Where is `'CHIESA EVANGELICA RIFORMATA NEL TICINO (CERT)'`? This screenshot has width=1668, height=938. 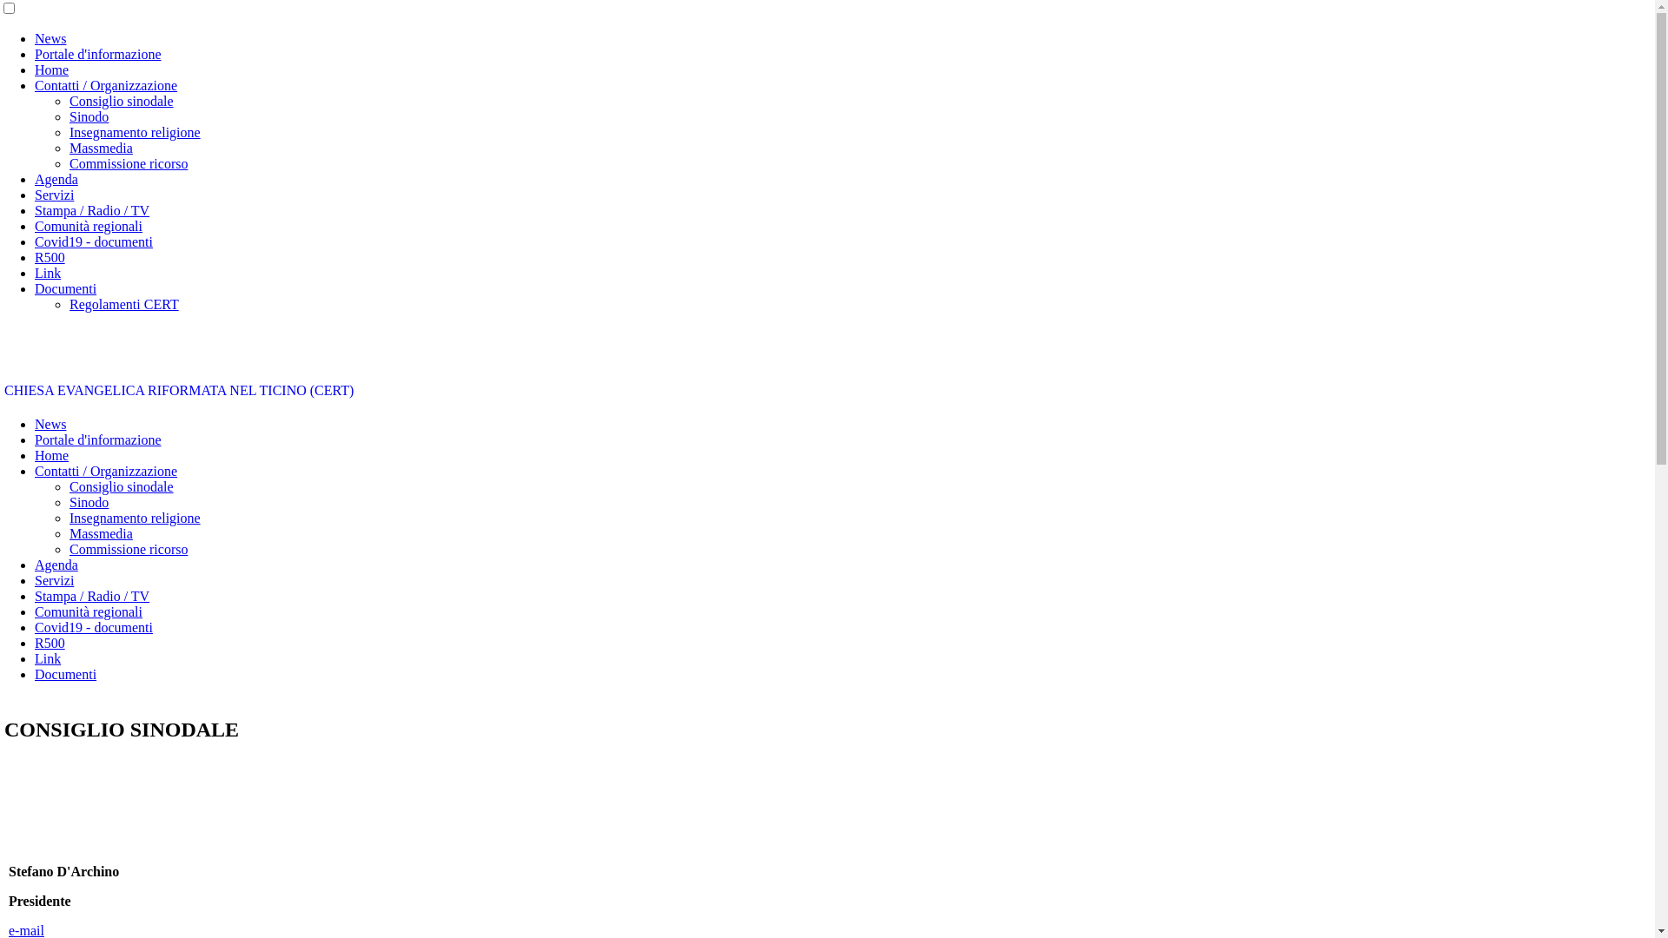
'CHIESA EVANGELICA RIFORMATA NEL TICINO (CERT)' is located at coordinates (179, 389).